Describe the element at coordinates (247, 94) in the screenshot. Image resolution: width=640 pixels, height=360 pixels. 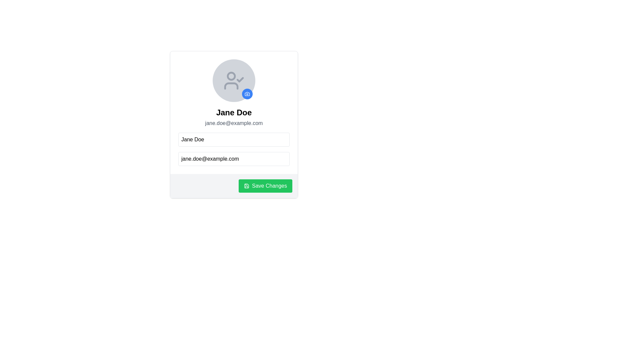
I see `the camera icon in the user profile block` at that location.